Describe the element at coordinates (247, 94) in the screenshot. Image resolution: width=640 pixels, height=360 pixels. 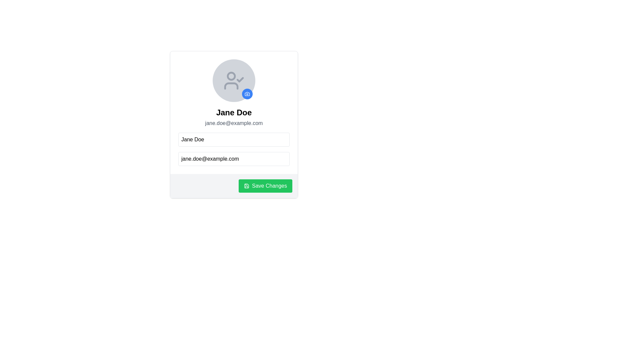
I see `the camera icon in the user profile block` at that location.